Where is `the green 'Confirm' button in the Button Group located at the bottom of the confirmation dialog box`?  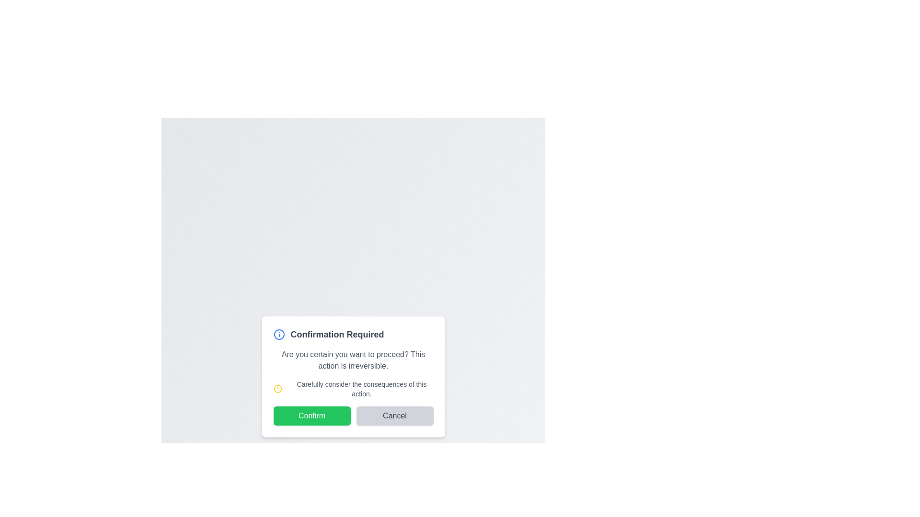 the green 'Confirm' button in the Button Group located at the bottom of the confirmation dialog box is located at coordinates (353, 415).